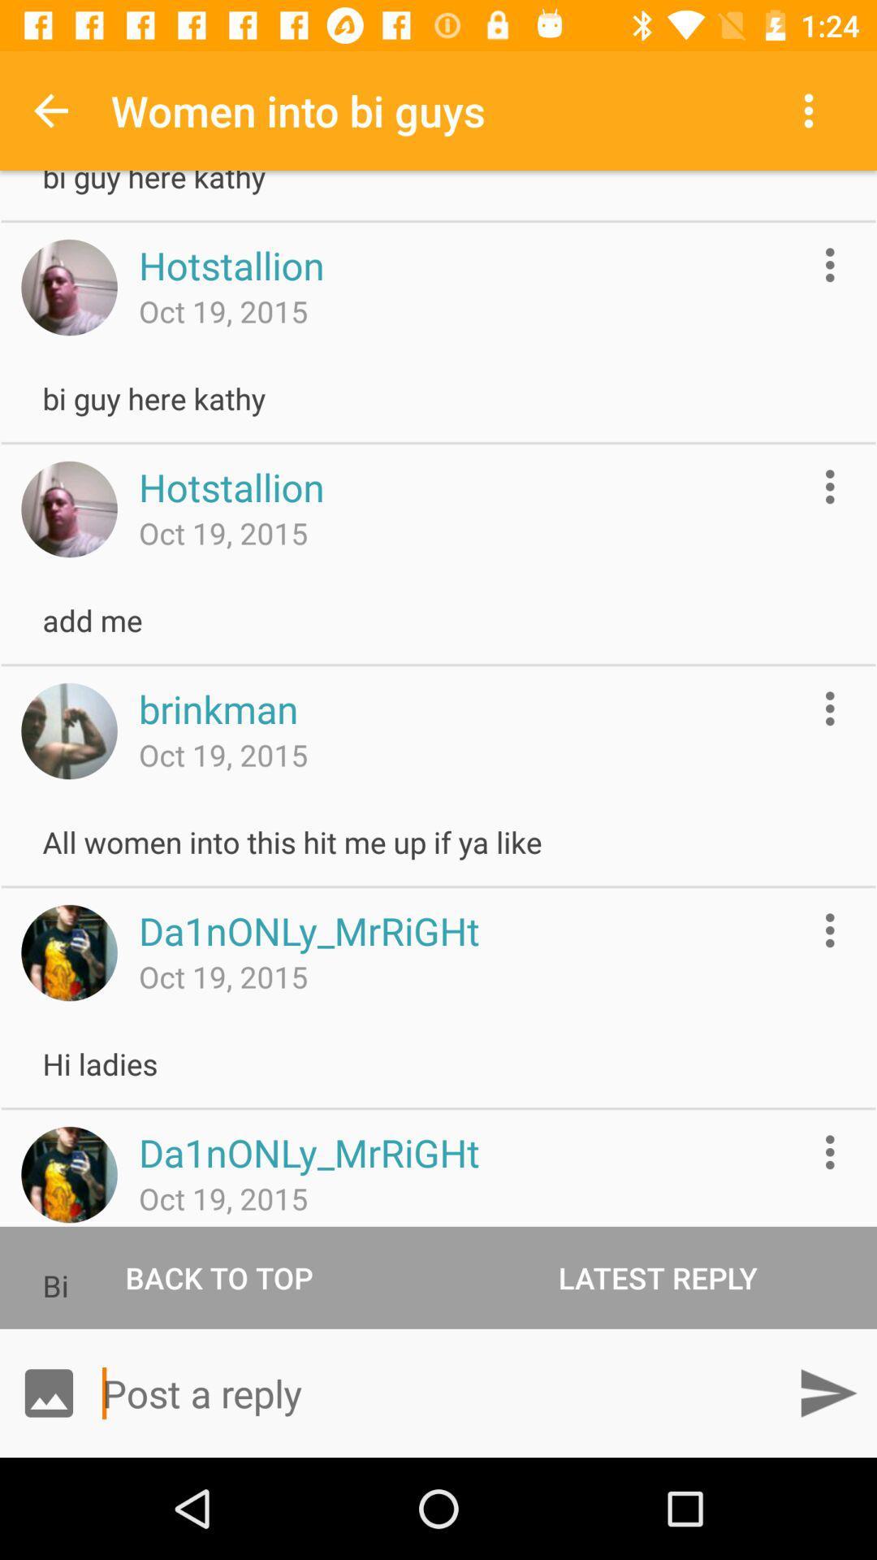 This screenshot has width=877, height=1560. What do you see at coordinates (830, 486) in the screenshot?
I see `more information` at bounding box center [830, 486].